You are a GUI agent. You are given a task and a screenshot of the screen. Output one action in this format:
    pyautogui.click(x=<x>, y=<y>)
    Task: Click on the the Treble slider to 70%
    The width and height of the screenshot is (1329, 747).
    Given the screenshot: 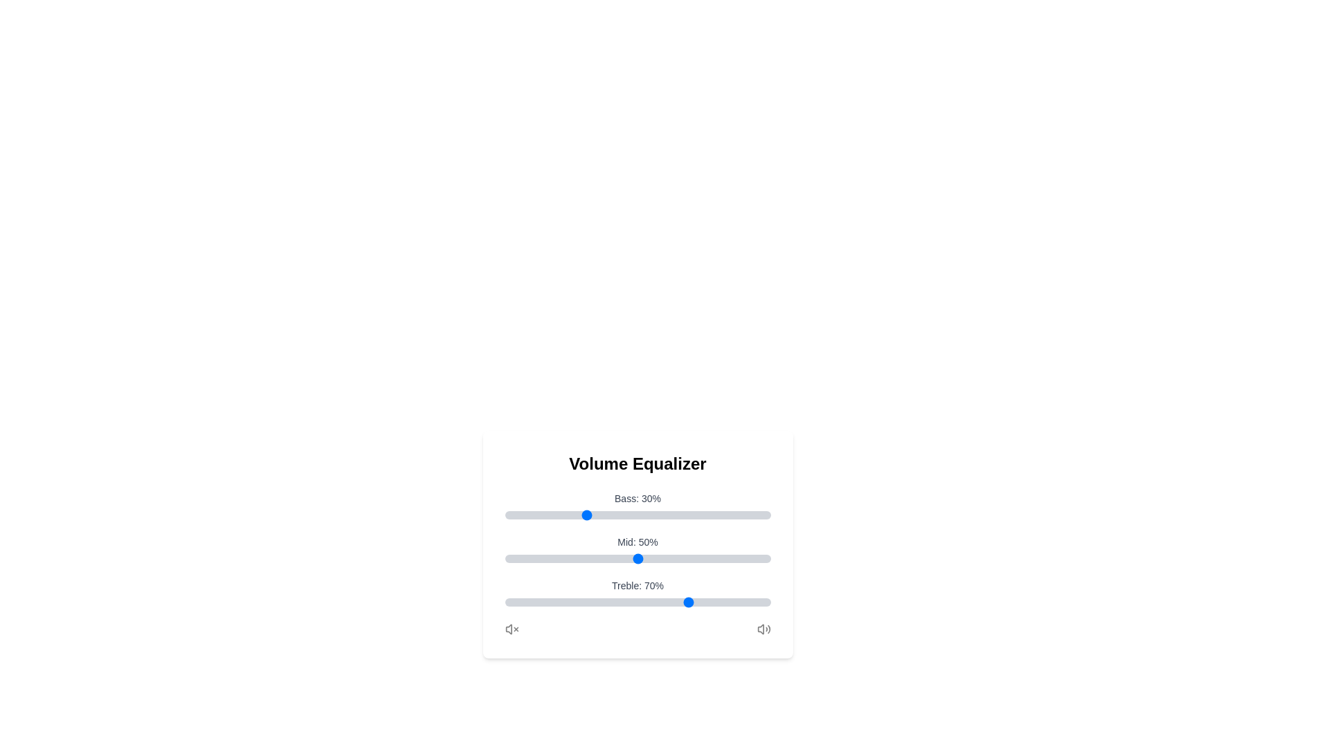 What is the action you would take?
    pyautogui.click(x=691, y=602)
    